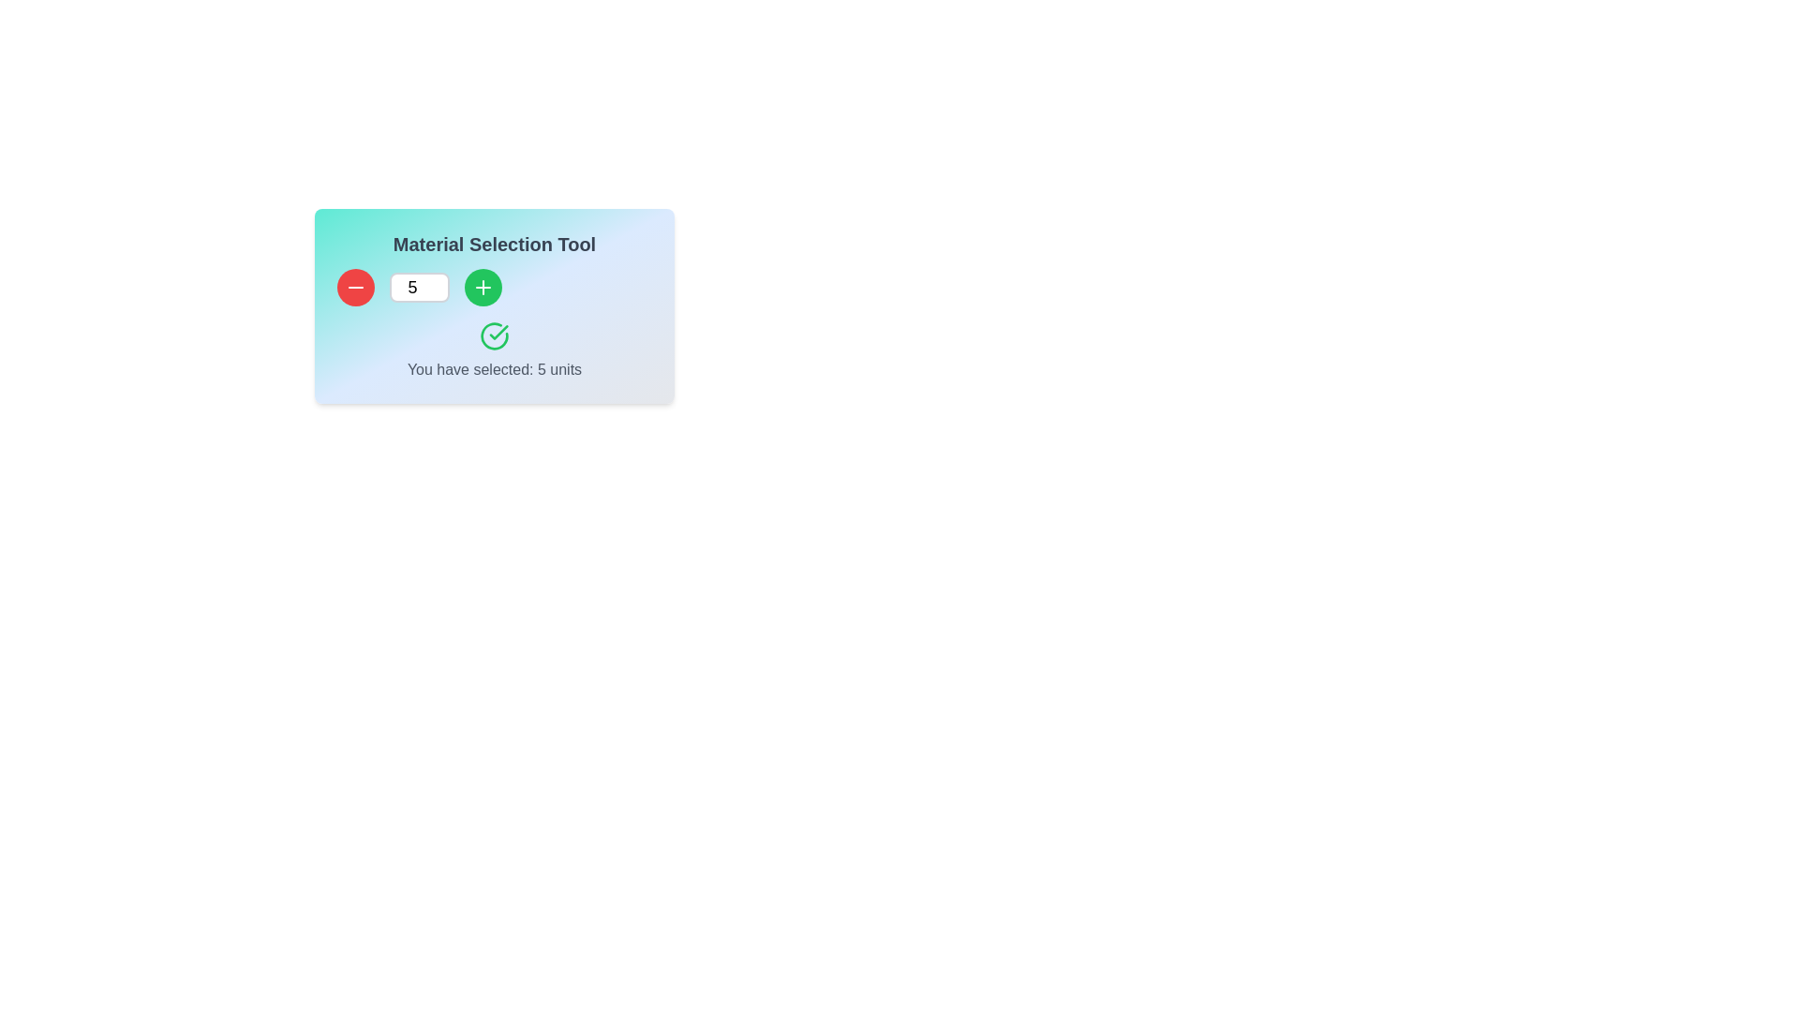  I want to click on the circular red decrement button located at the top-left of the 'Material Selection Tool' control card, so click(355, 288).